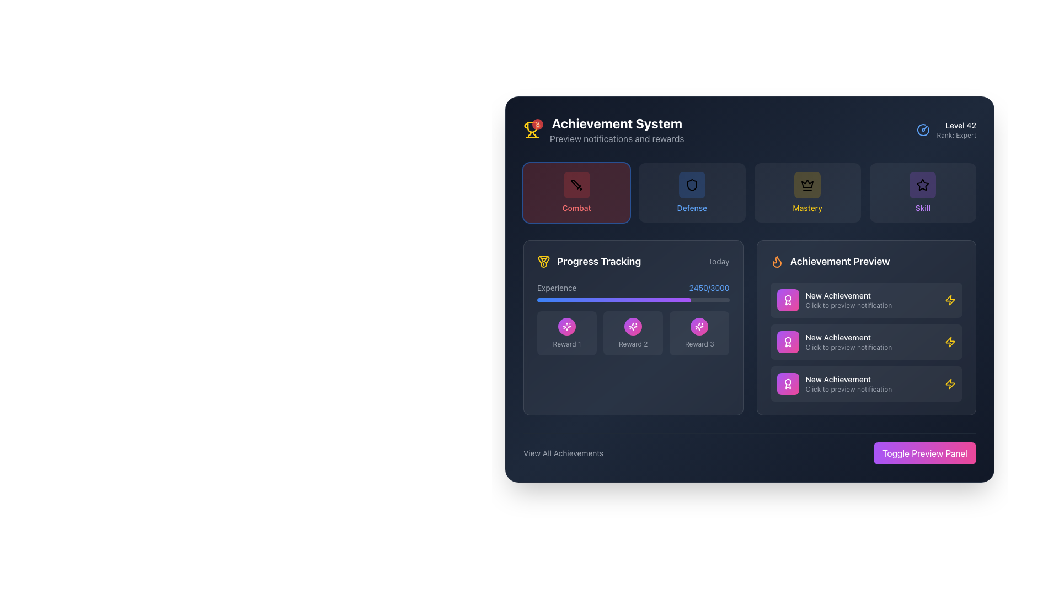  I want to click on the 'Combat' icon located in the upper left corner of the interface under the 'Achievement System' header, so click(576, 184).